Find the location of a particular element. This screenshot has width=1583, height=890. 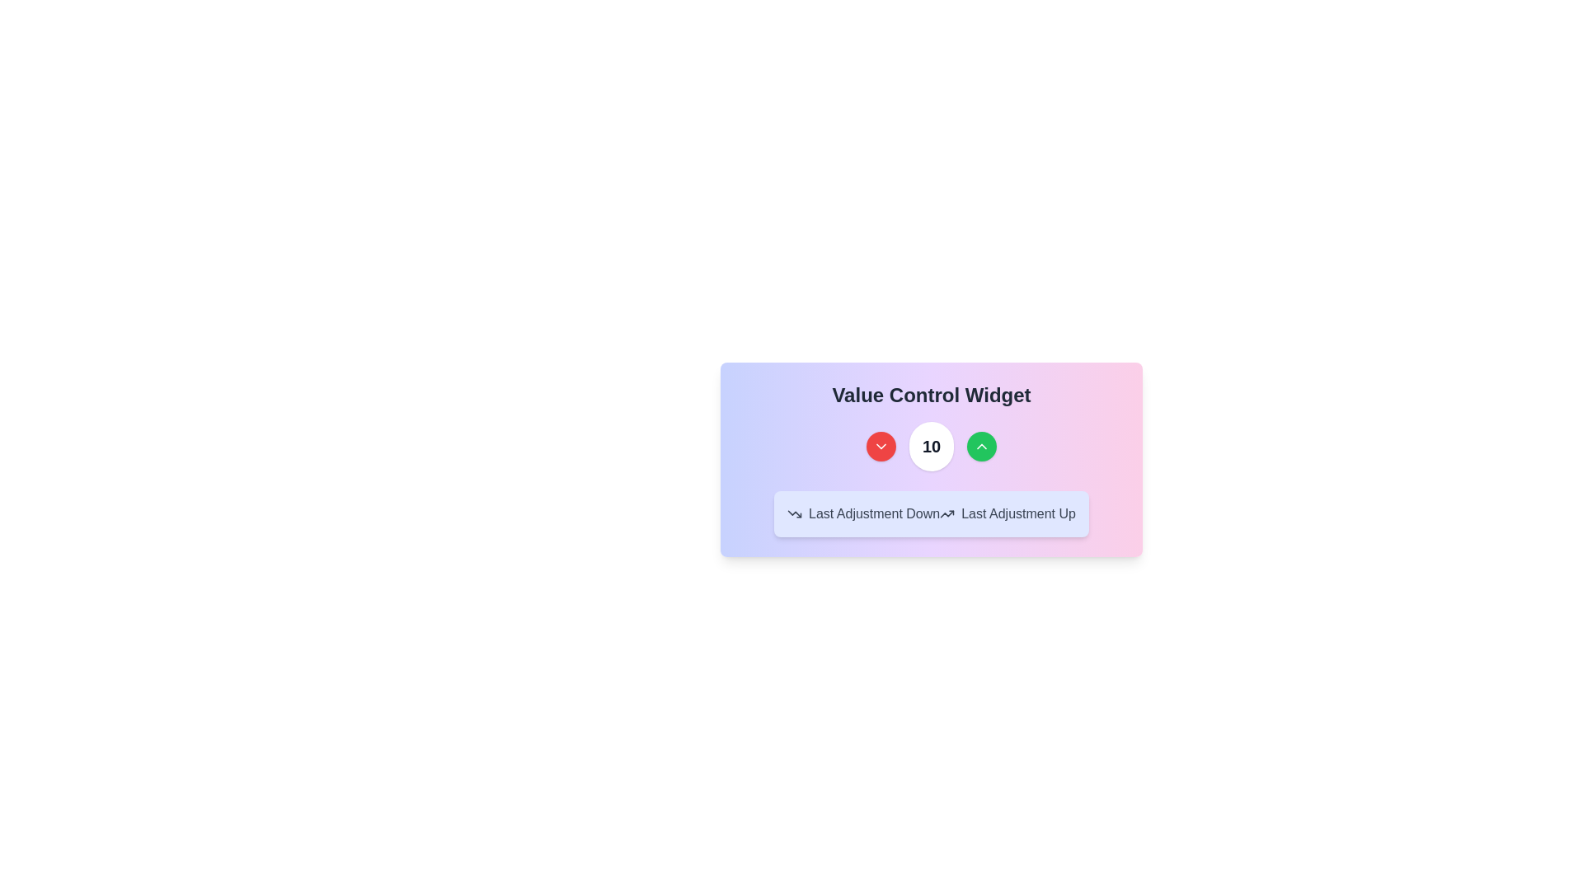

the Text with Icon that displays information regarding the last adjustment, which has an icon indicating a downward trend and is positioned in the lower section of the widget, to the left of 'Last Adjustment Up' is located at coordinates (862, 513).